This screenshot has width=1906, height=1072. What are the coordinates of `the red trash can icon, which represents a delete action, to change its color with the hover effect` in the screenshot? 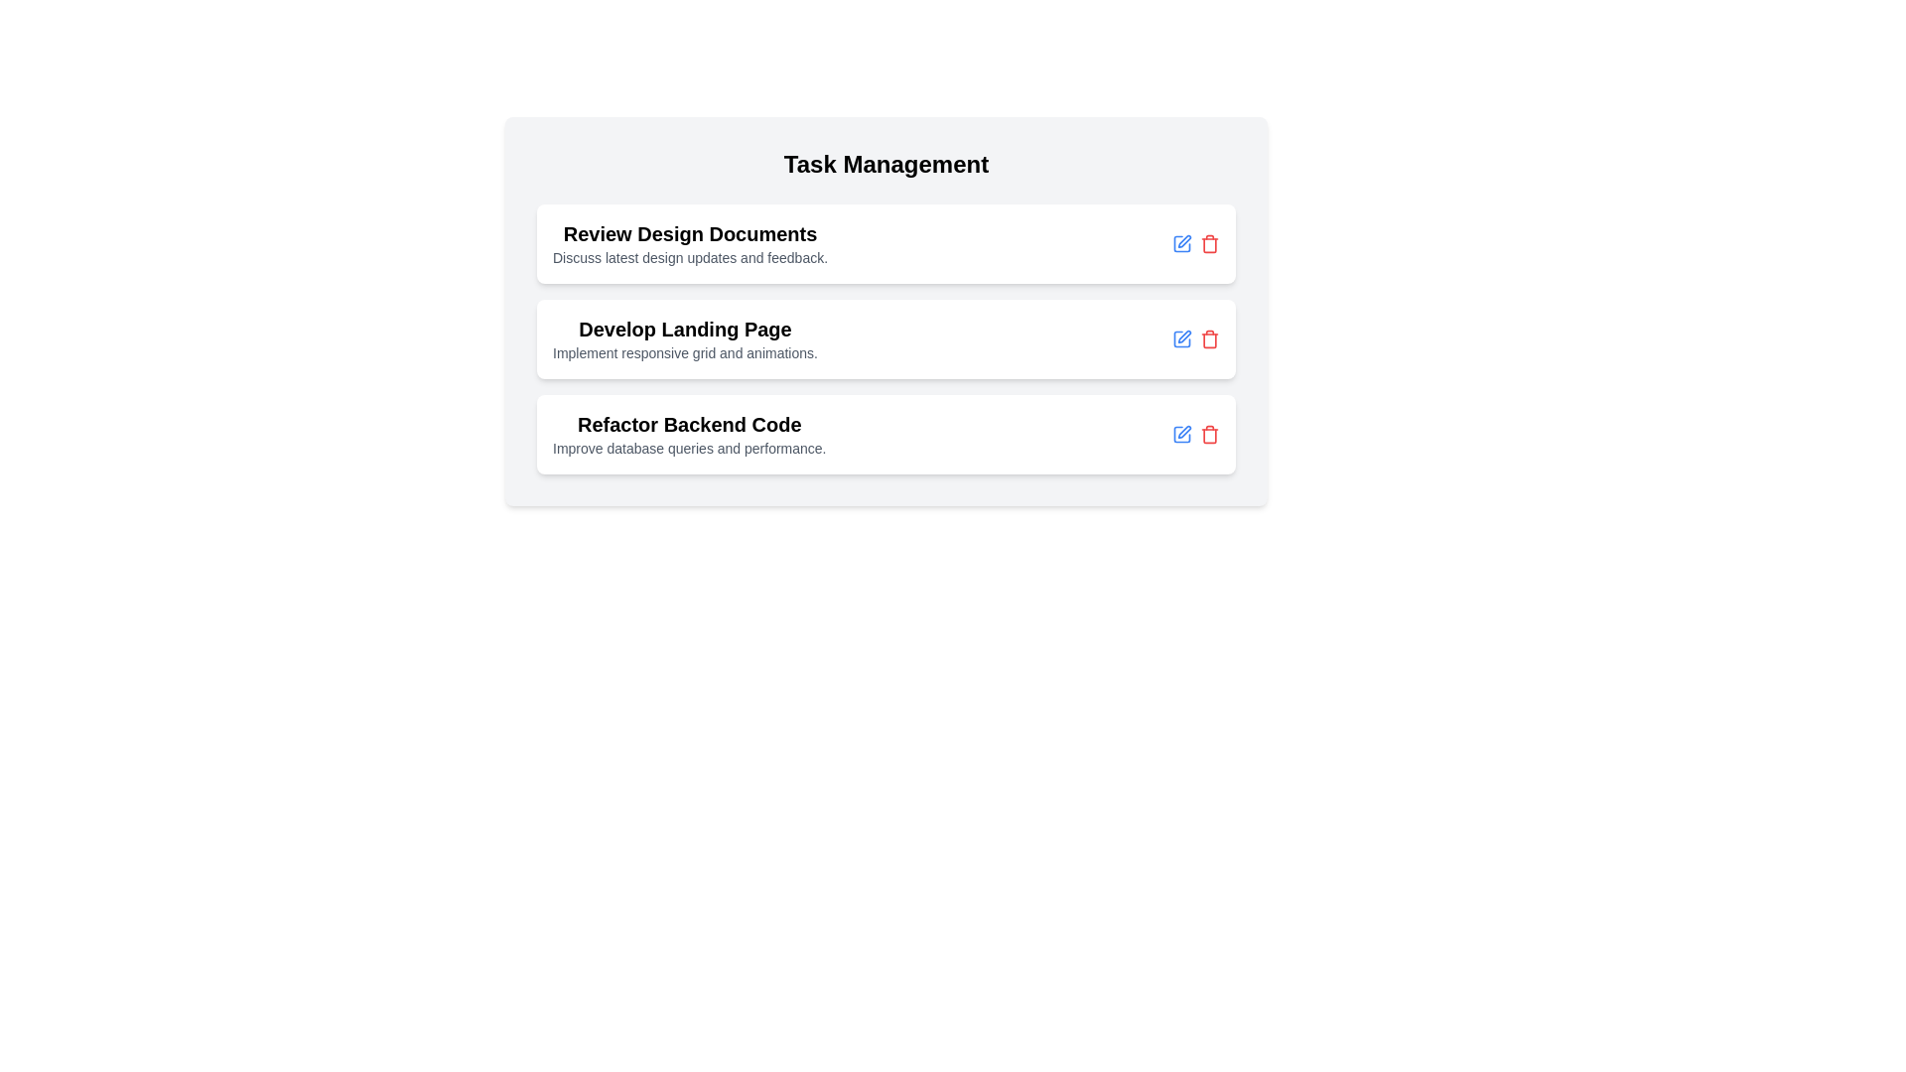 It's located at (1209, 338).